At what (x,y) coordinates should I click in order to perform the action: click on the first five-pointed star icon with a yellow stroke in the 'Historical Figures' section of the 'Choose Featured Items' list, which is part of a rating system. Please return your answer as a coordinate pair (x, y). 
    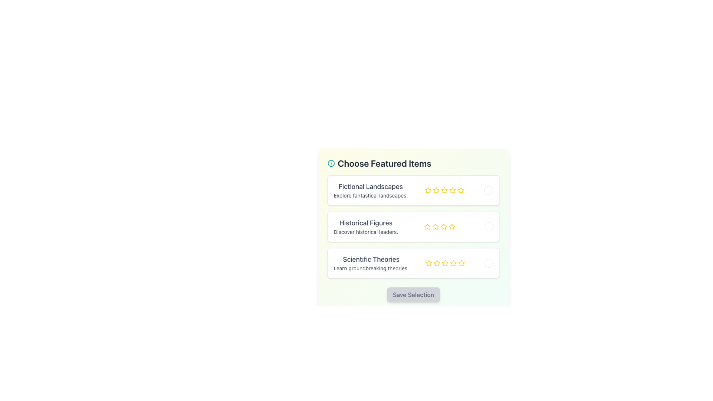
    Looking at the image, I should click on (427, 226).